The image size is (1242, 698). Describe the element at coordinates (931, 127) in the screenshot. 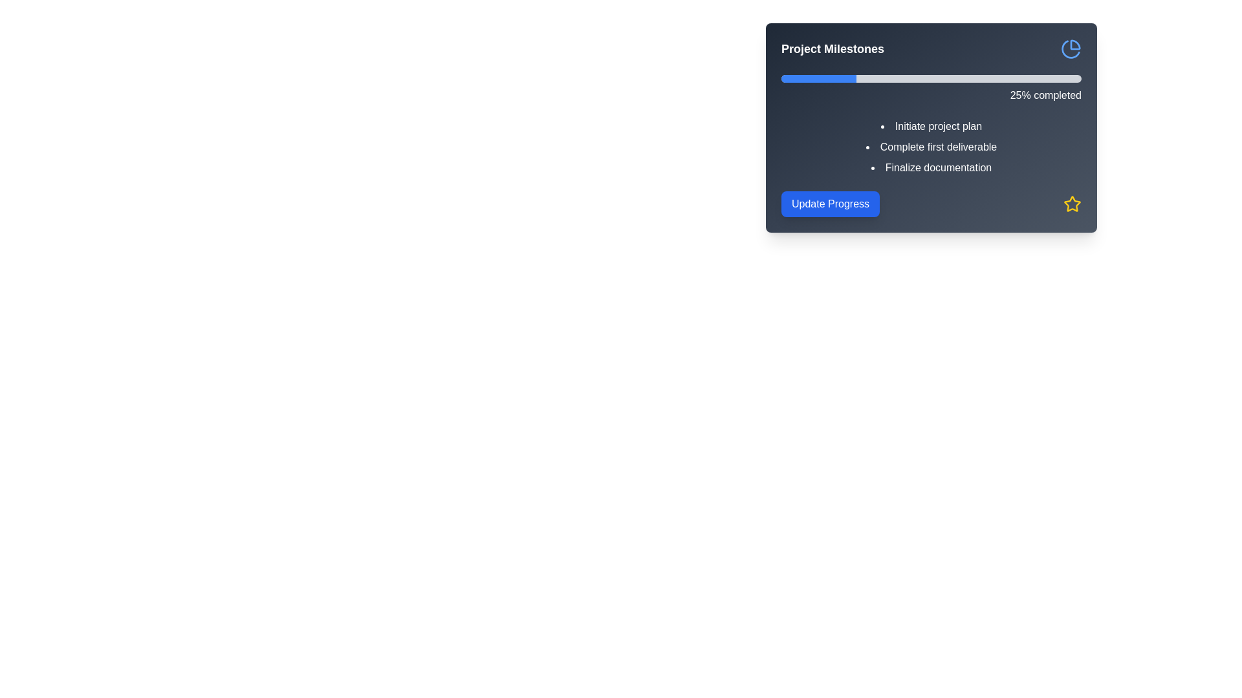

I see `the label displaying 'Initiate project plan' under the 'Project Milestones' section, which is the first item in the milestone tasks list` at that location.